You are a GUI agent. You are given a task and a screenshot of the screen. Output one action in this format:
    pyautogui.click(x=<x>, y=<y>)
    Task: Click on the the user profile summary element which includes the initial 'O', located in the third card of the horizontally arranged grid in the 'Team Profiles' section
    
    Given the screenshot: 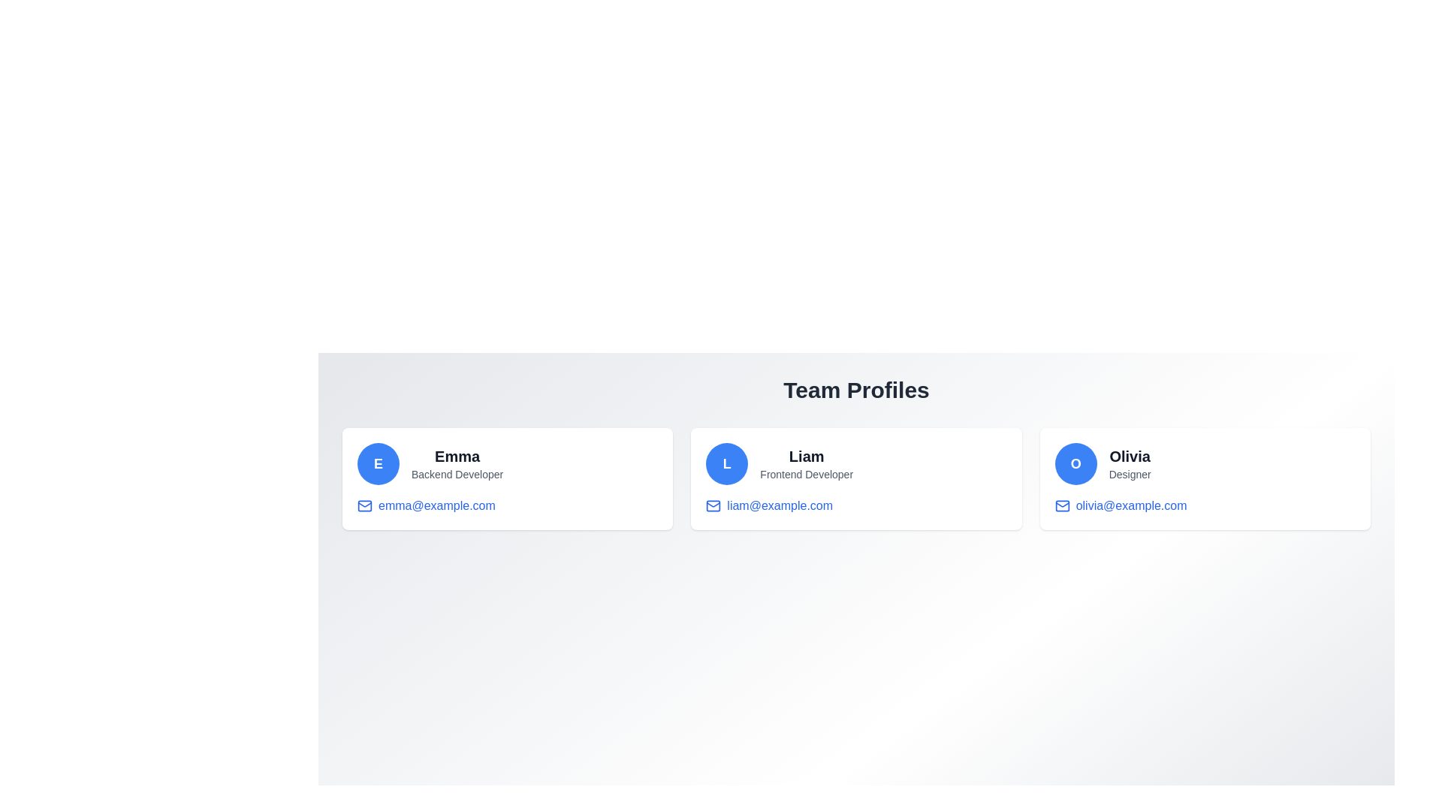 What is the action you would take?
    pyautogui.click(x=1205, y=463)
    